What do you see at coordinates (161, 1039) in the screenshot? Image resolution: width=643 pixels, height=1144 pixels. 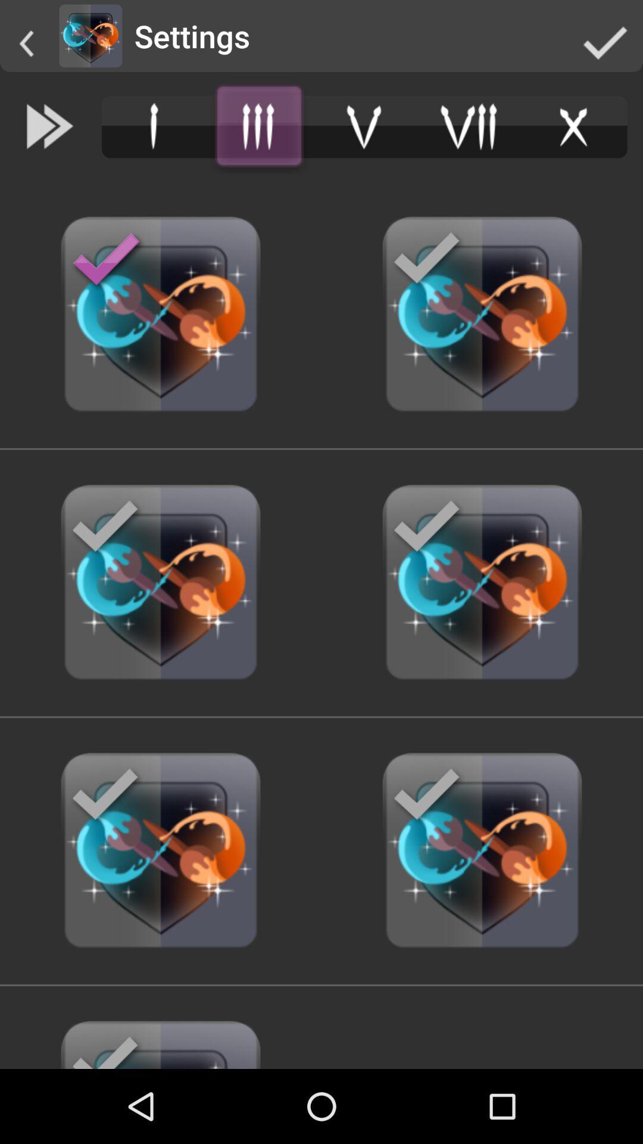 I see `the last button which is on the left` at bounding box center [161, 1039].